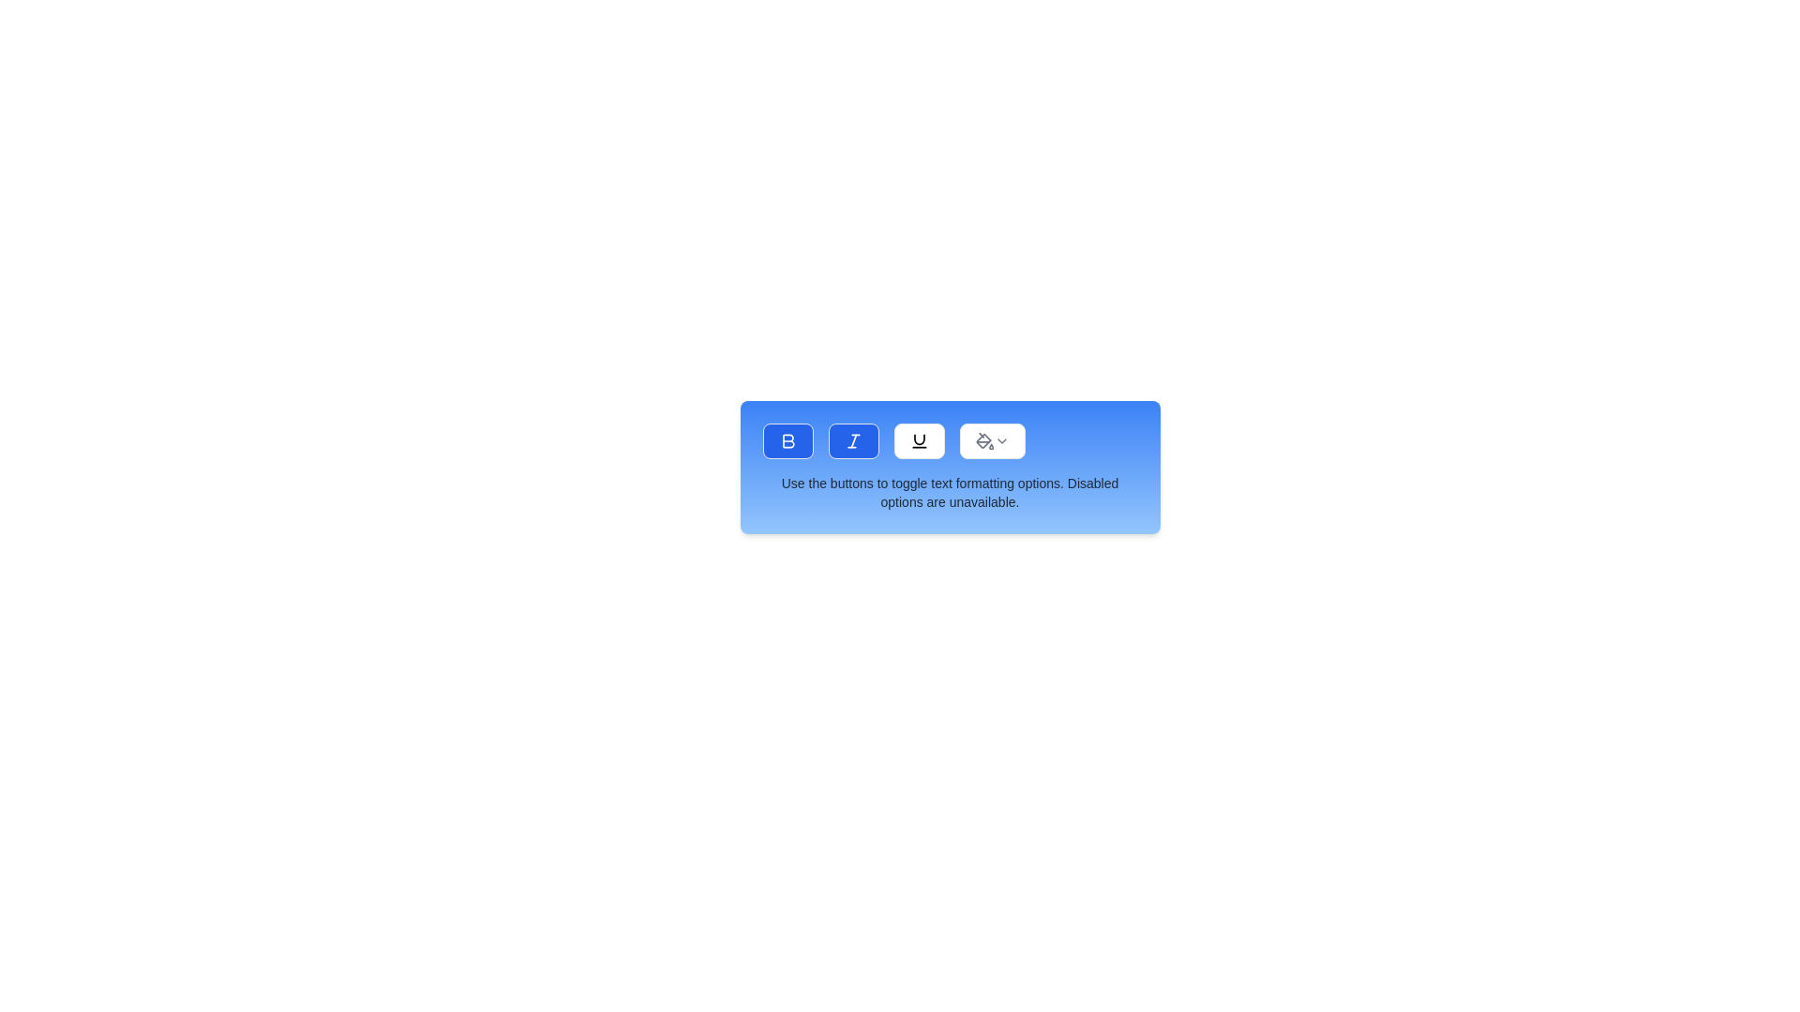  I want to click on the first formatting button in the row, so click(787, 440).